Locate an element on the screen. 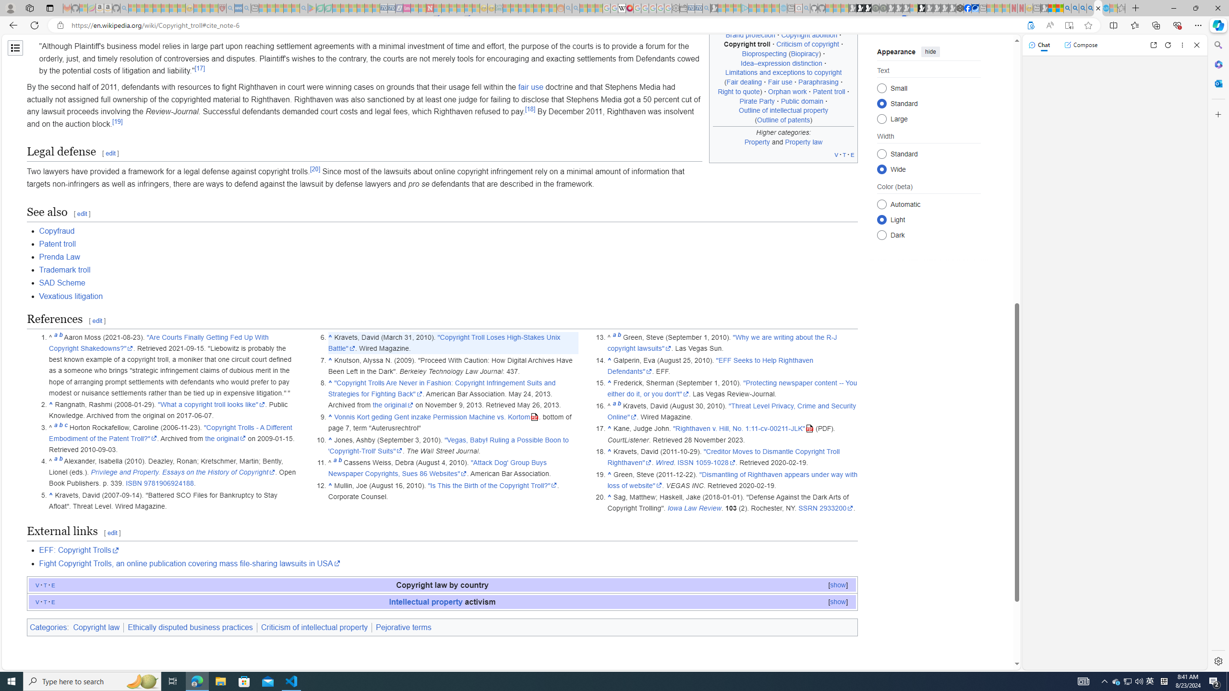 The height and width of the screenshot is (691, 1229). 'fair use' is located at coordinates (530, 86).